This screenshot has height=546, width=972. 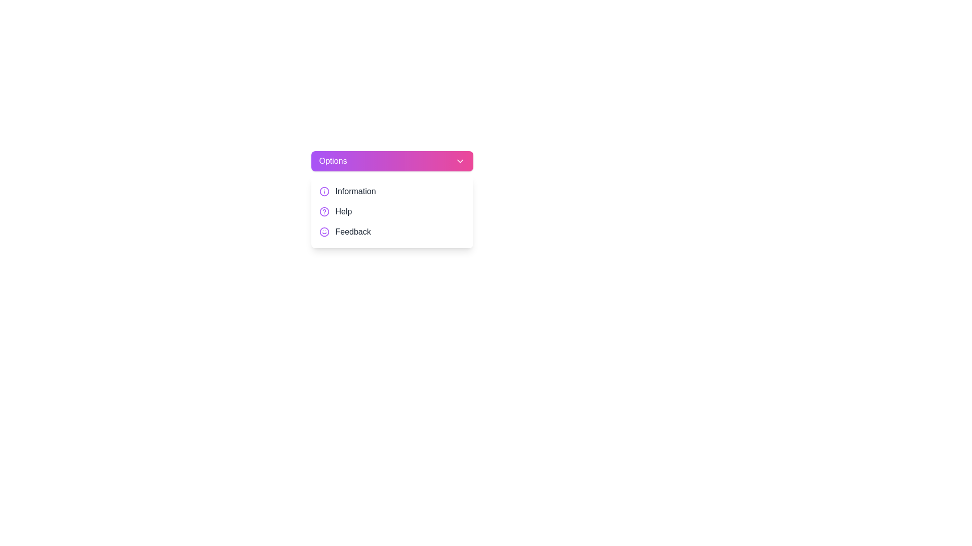 I want to click on the 'Help' text label, which is the second item in the dropdown menu under the 'Options' header, so click(x=343, y=211).